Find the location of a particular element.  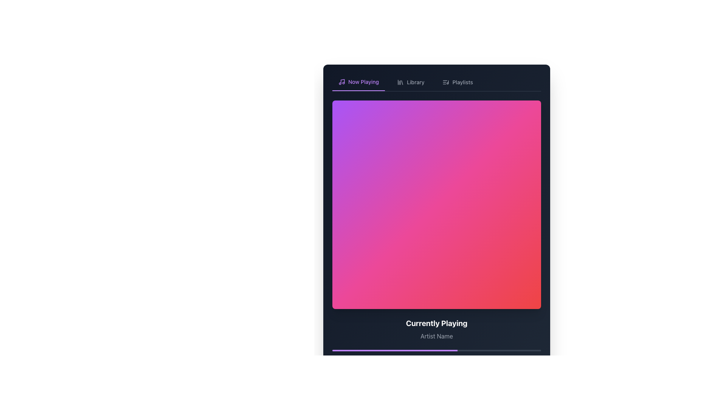

the 'Now Playing' icon located to the left of the 'Now Playing' text in the top bar of the interface is located at coordinates (341, 82).